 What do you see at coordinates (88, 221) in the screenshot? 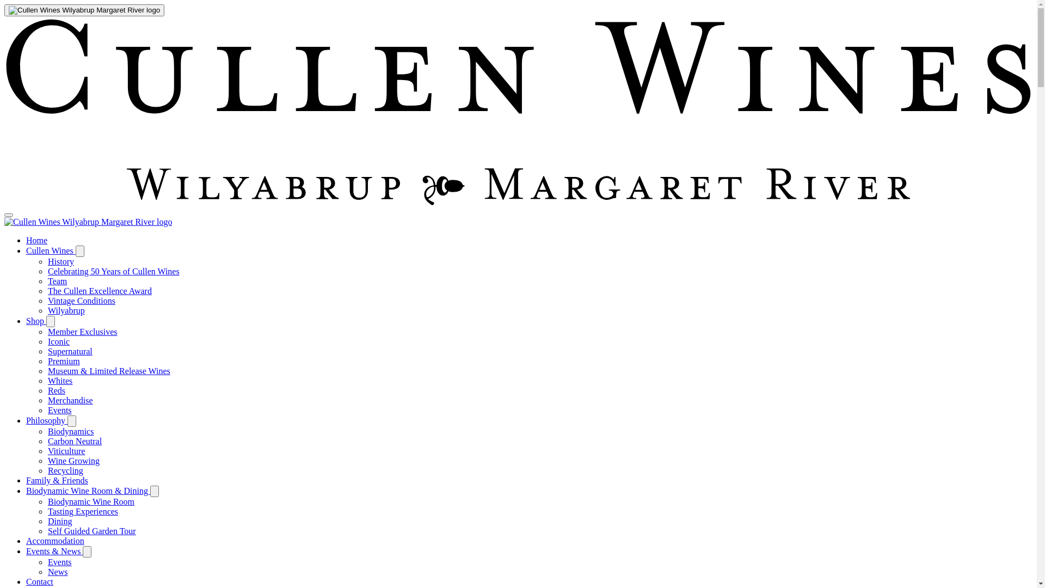
I see `'Cullen Wines Home Page'` at bounding box center [88, 221].